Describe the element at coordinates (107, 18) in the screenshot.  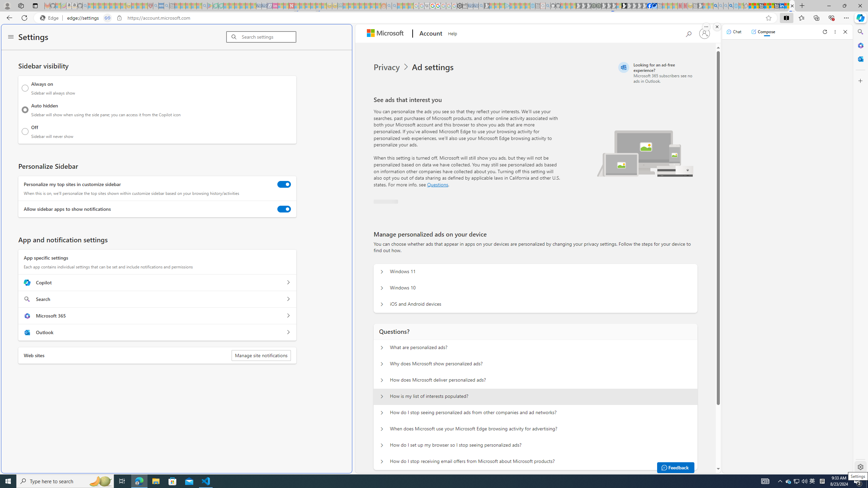
I see `'Tabs in split screen'` at that location.